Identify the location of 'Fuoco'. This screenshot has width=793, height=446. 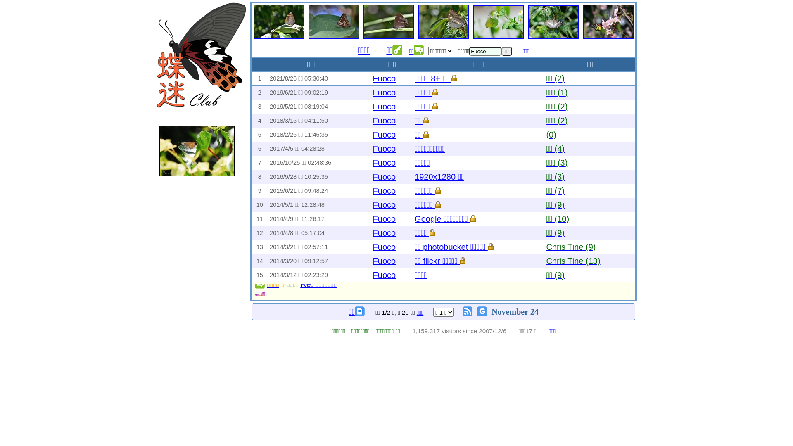
(372, 106).